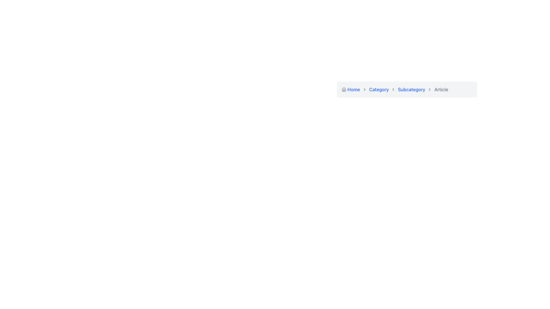 The image size is (550, 309). I want to click on the 'Home' text link in the breadcrumb navigation bar, so click(353, 89).